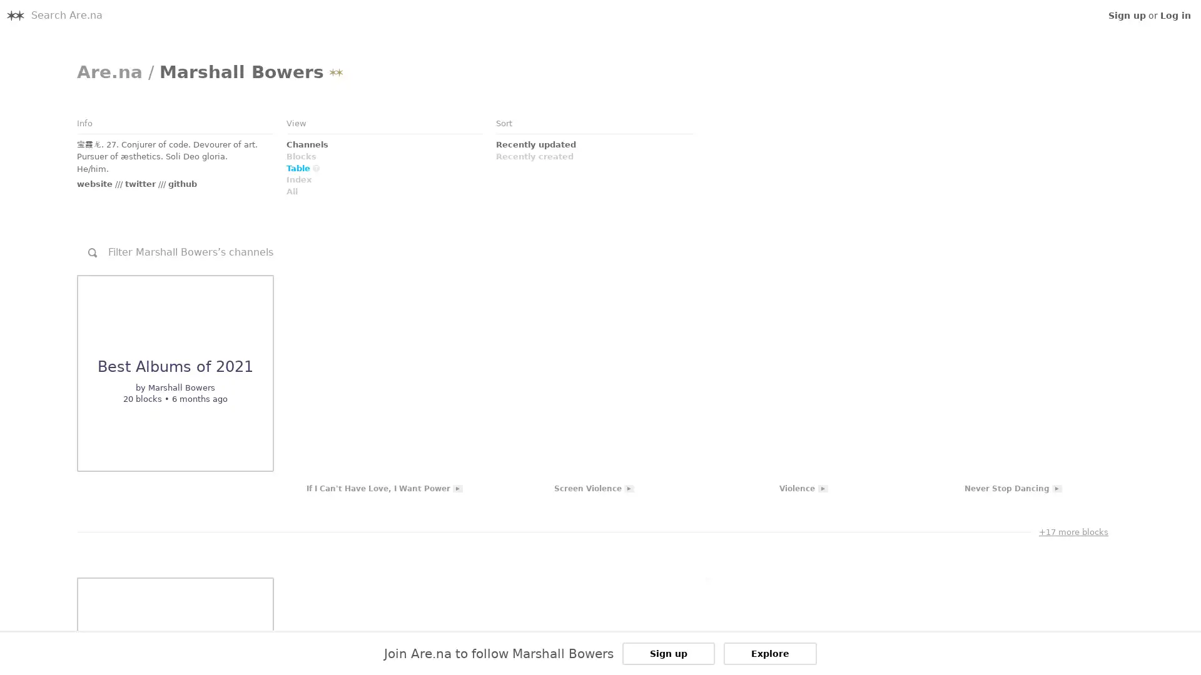 Image resolution: width=1201 pixels, height=675 pixels. I want to click on Link to Channel: undefined, so click(174, 372).